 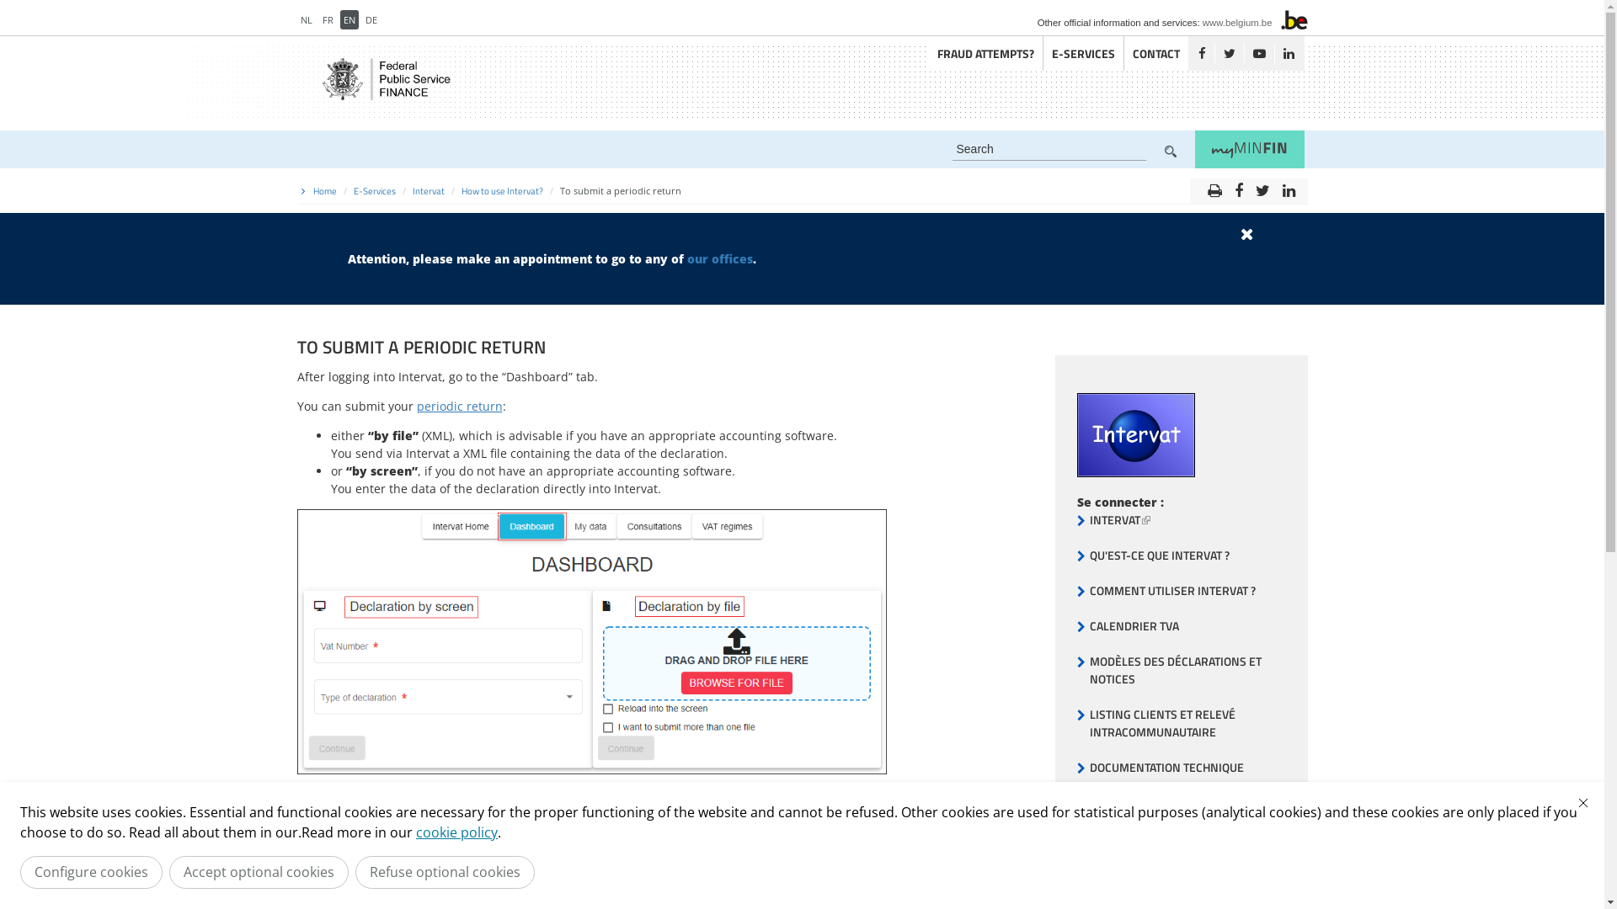 What do you see at coordinates (361, 19) in the screenshot?
I see `'DE'` at bounding box center [361, 19].